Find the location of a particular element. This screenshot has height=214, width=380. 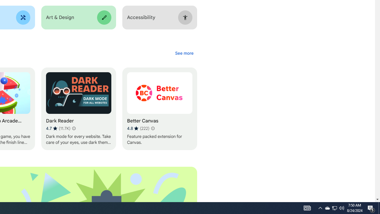

'Learn more about results and reviews "Dark Reader"' is located at coordinates (73, 128).